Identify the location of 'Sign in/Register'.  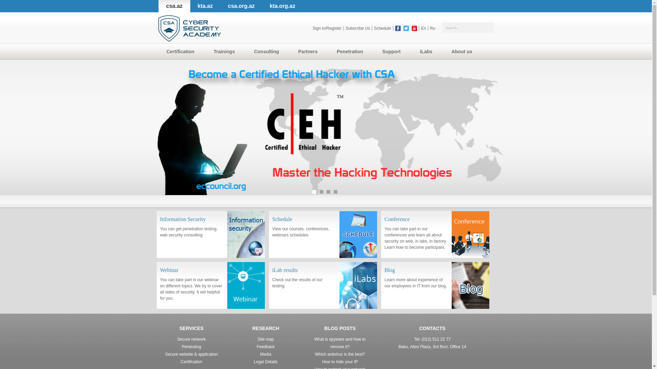
(327, 28).